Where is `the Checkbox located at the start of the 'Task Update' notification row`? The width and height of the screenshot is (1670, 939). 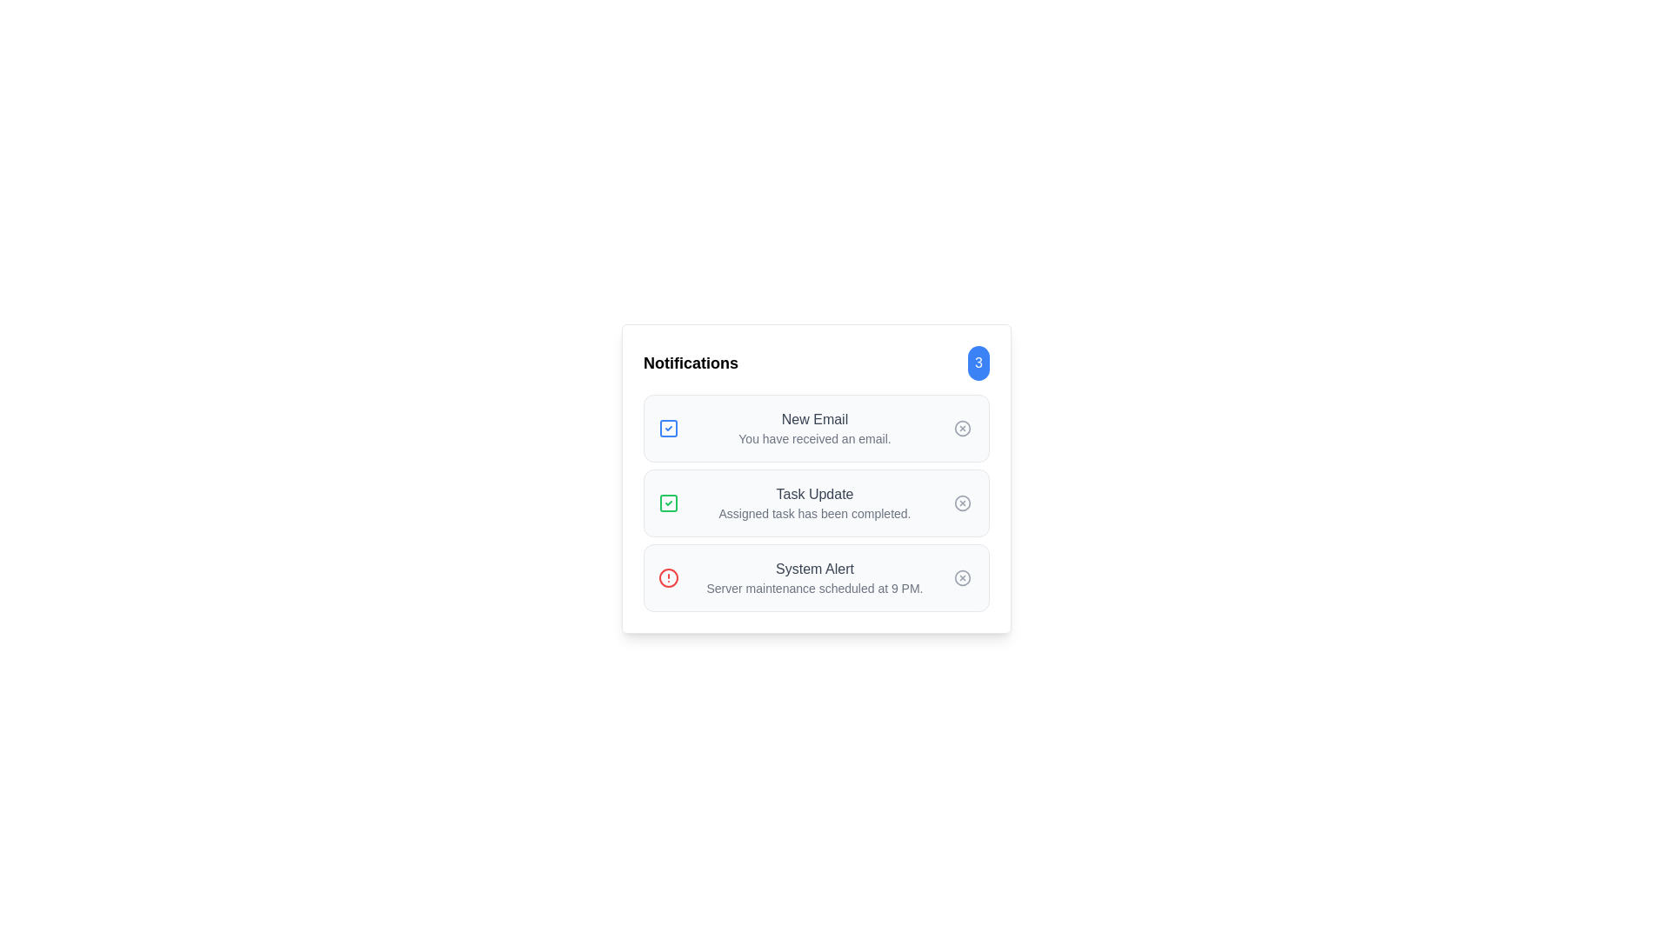 the Checkbox located at the start of the 'Task Update' notification row is located at coordinates (667, 503).